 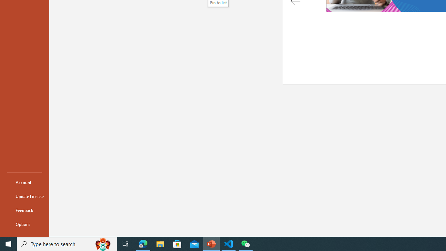 What do you see at coordinates (25, 210) in the screenshot?
I see `'Feedback'` at bounding box center [25, 210].